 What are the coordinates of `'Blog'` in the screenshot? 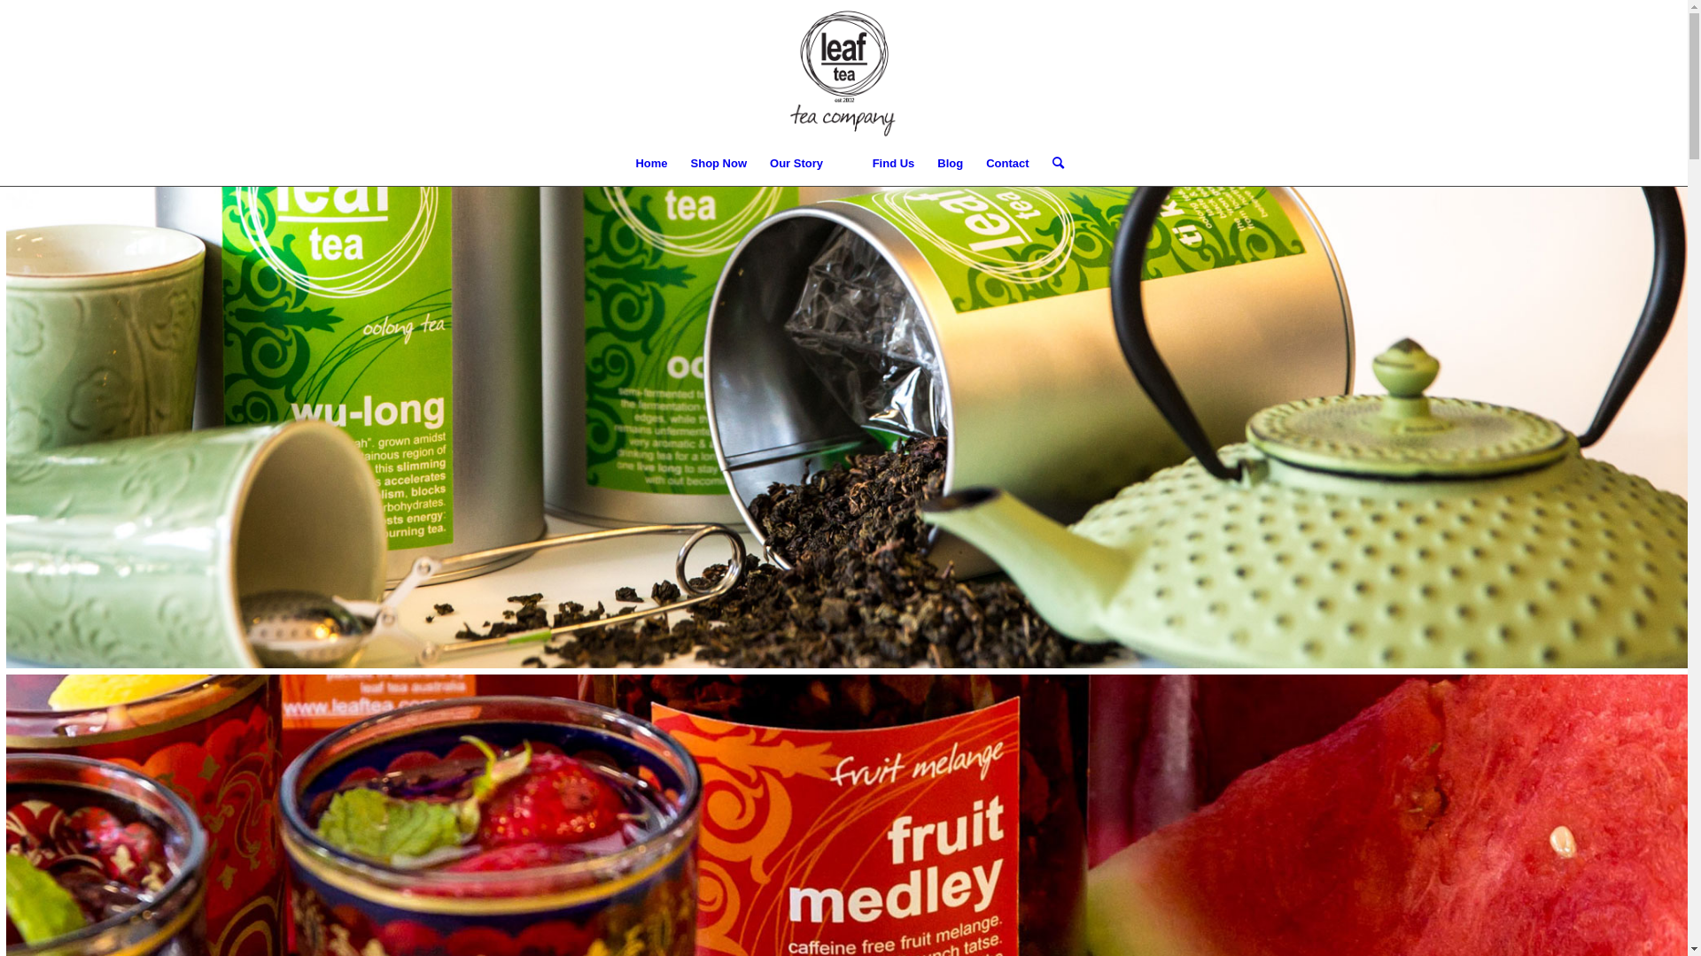 It's located at (949, 164).